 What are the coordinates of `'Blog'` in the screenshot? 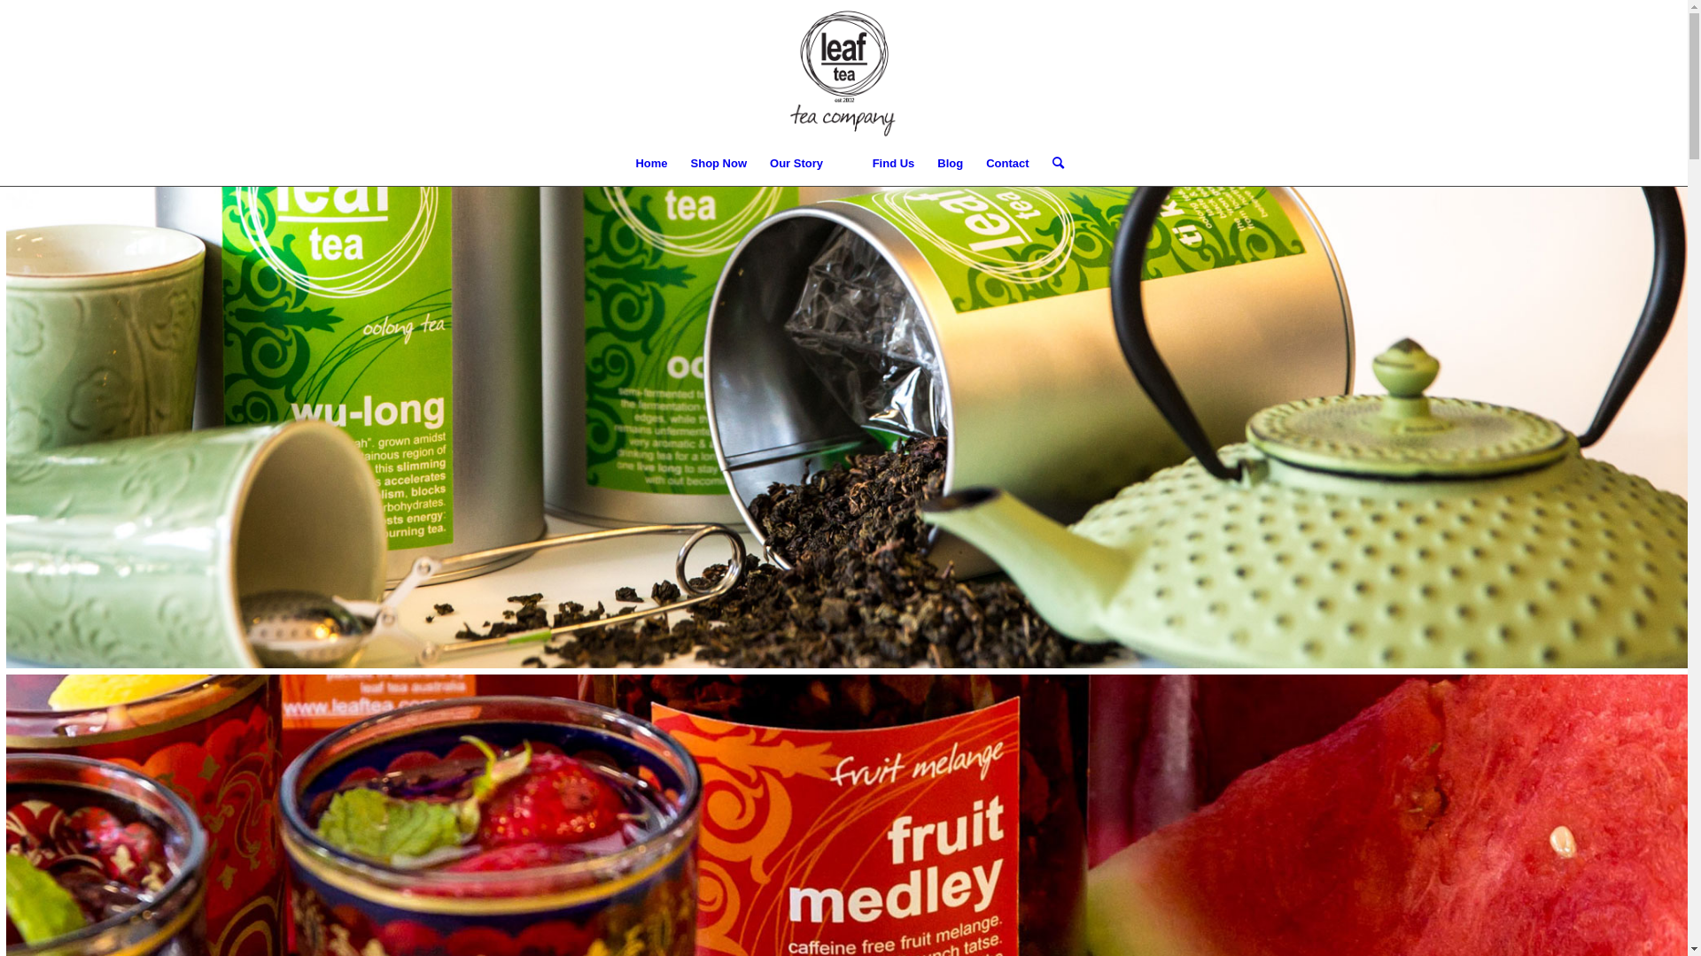 It's located at (949, 164).